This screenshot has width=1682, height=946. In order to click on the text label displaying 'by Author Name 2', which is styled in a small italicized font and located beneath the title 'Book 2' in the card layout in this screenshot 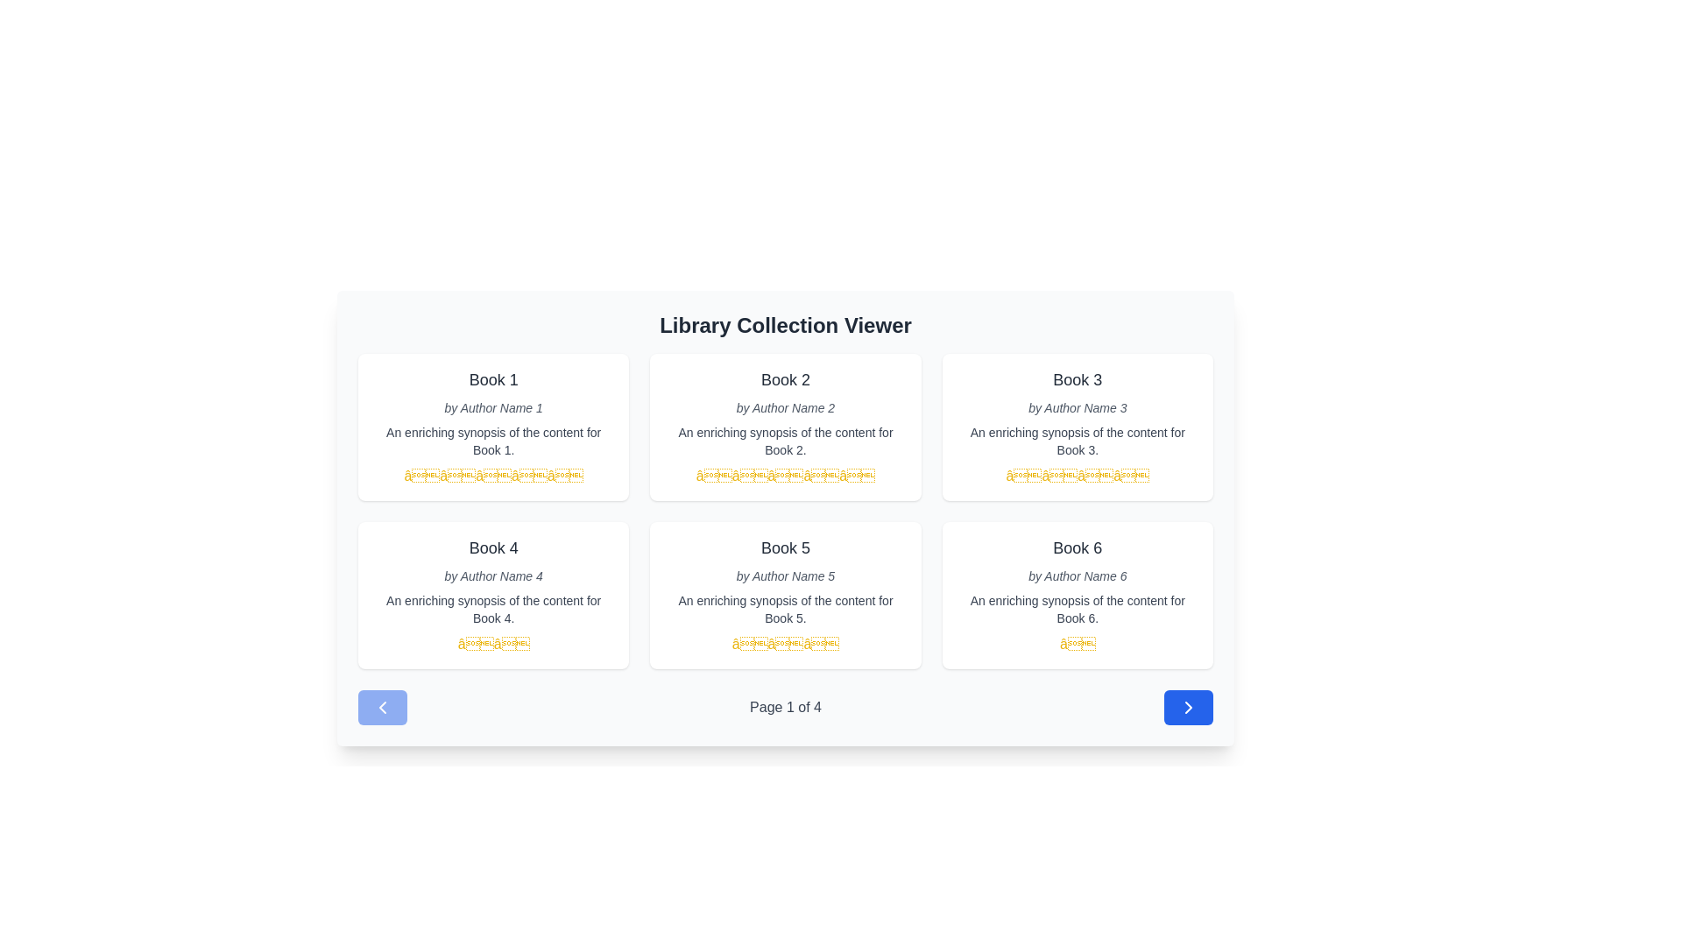, I will do `click(785, 408)`.